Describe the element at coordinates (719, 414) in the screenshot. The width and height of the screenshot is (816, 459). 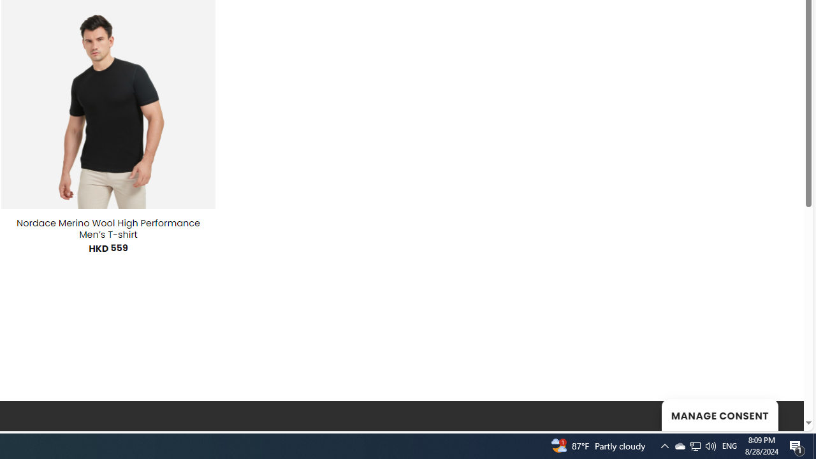
I see `'MANAGE CONSENT'` at that location.